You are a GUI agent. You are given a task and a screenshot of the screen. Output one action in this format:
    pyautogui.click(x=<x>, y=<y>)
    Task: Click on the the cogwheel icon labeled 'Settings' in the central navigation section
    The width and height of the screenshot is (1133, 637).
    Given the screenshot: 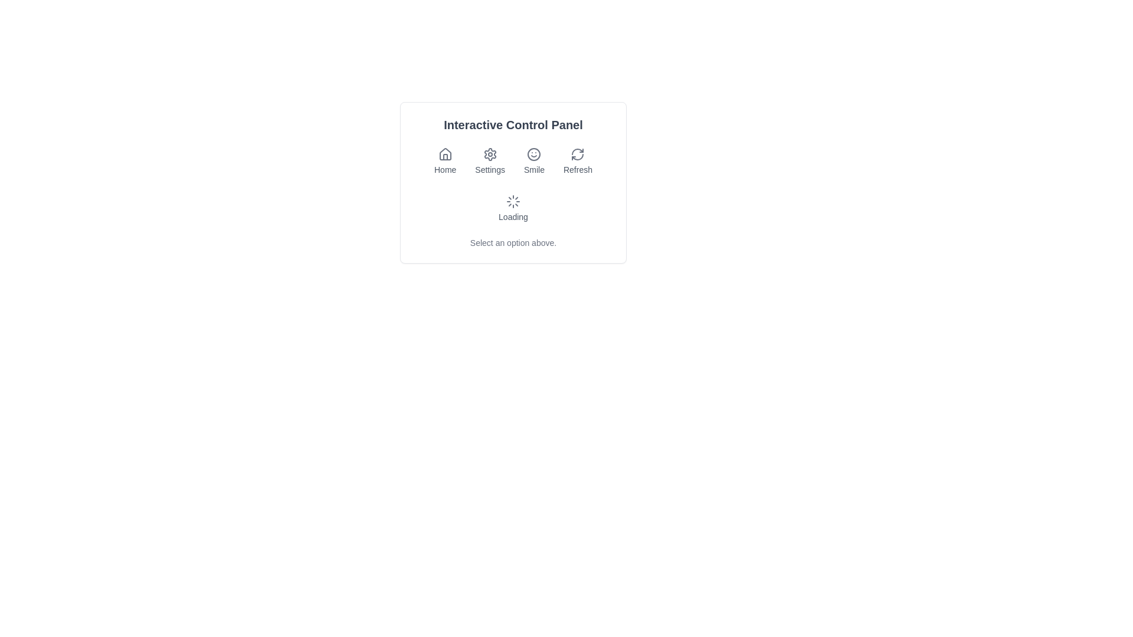 What is the action you would take?
    pyautogui.click(x=490, y=154)
    